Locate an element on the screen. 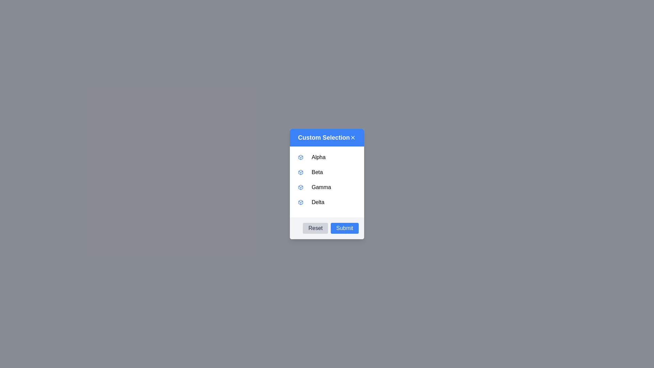 This screenshot has height=368, width=654. the circular icon button with a blue outline and cube design, located as the first element is located at coordinates (300, 172).